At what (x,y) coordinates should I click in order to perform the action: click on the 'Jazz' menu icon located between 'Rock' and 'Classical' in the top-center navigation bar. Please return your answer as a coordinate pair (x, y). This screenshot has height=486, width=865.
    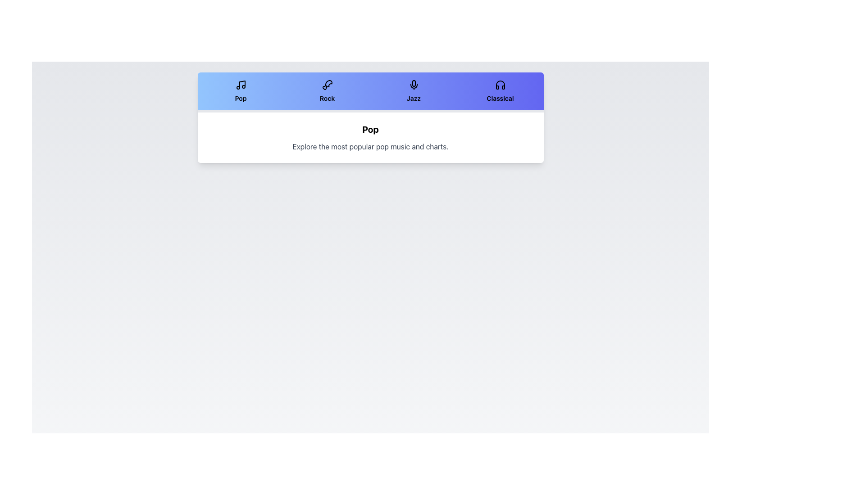
    Looking at the image, I should click on (413, 83).